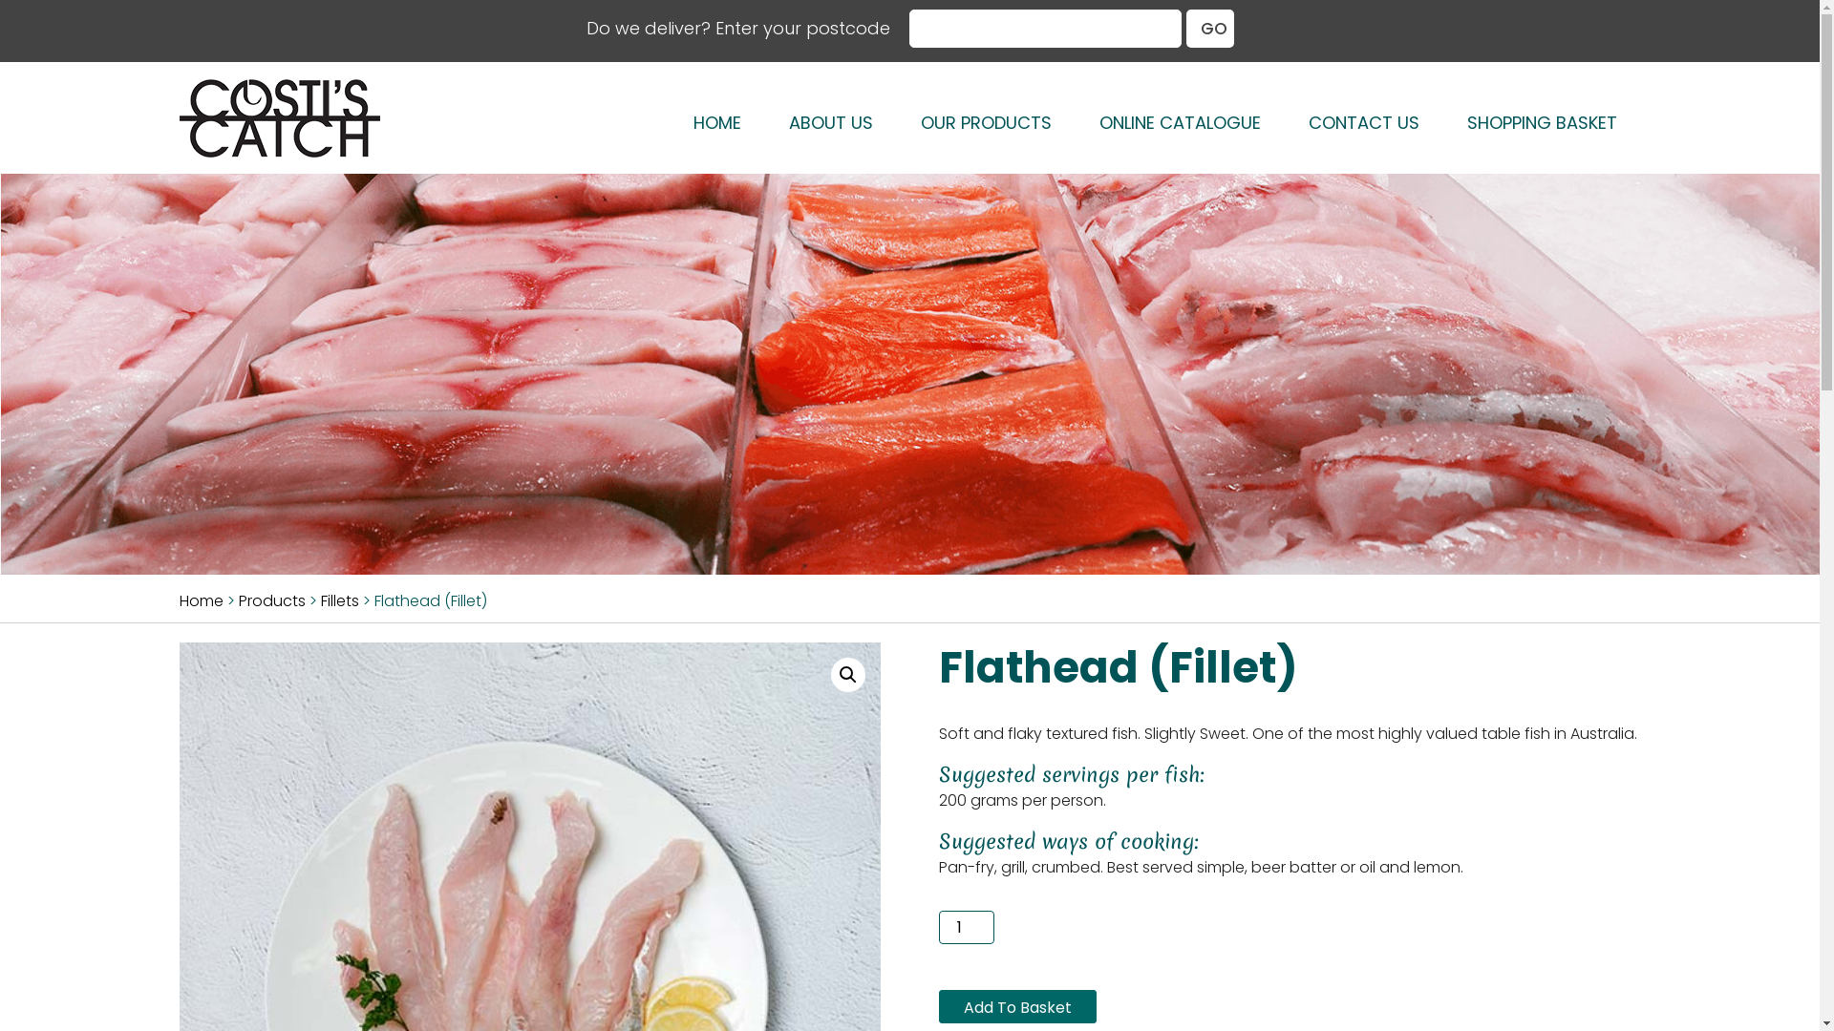  Describe the element at coordinates (1179, 122) in the screenshot. I see `'ONLINE CATALOGUE'` at that location.